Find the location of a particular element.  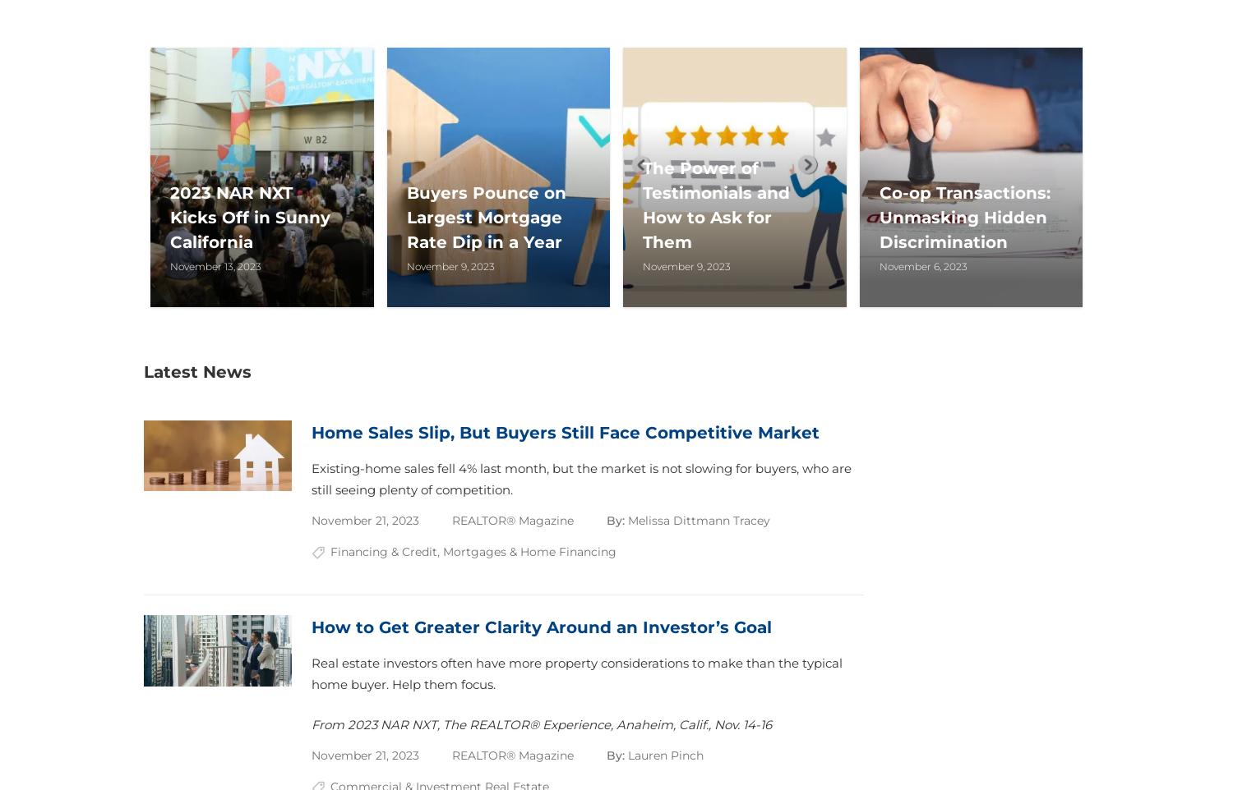

'November 13, 2023' is located at coordinates (215, 264).